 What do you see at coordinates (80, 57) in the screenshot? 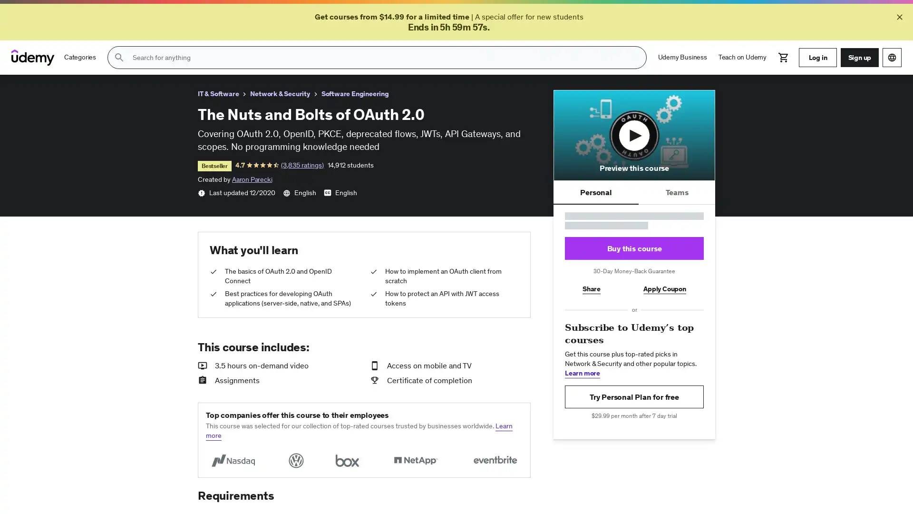
I see `Categories` at bounding box center [80, 57].